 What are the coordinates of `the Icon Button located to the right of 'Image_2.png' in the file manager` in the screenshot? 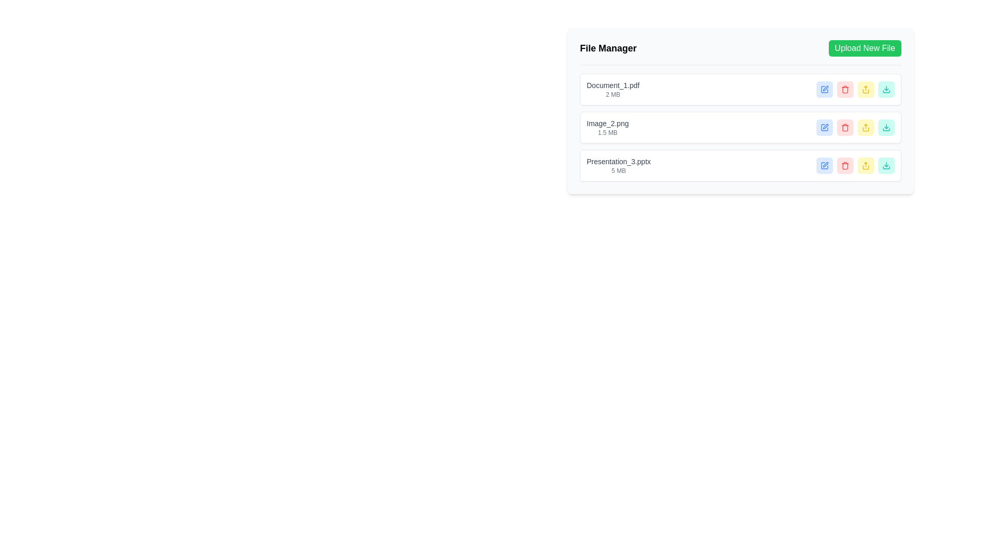 It's located at (845, 127).